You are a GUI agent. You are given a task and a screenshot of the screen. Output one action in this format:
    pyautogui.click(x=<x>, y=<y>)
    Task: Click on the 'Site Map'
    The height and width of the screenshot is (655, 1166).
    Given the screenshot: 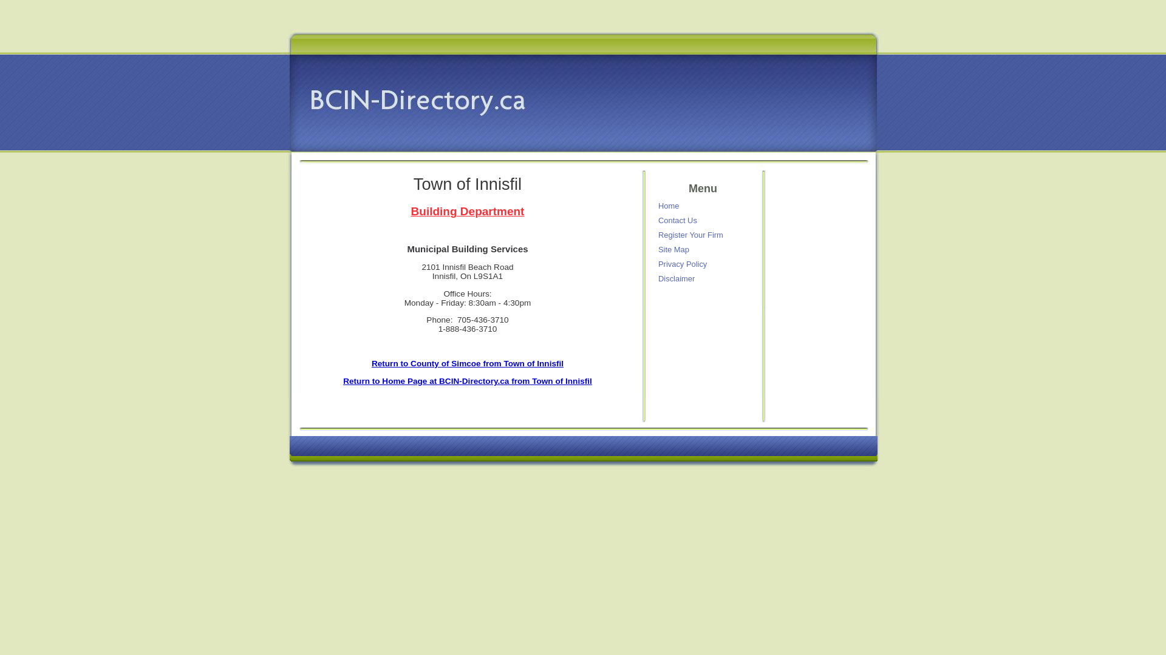 What is the action you would take?
    pyautogui.click(x=704, y=249)
    